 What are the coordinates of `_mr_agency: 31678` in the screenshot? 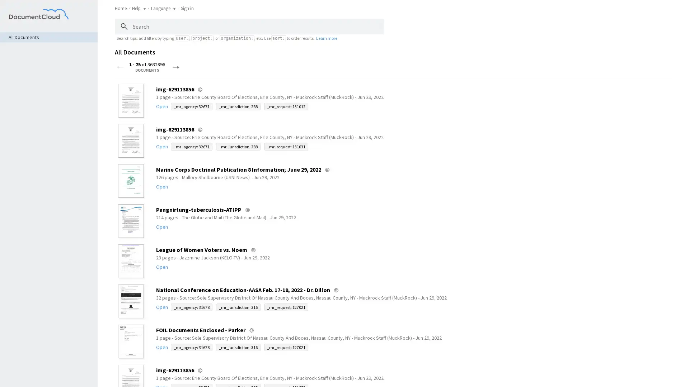 It's located at (191, 306).